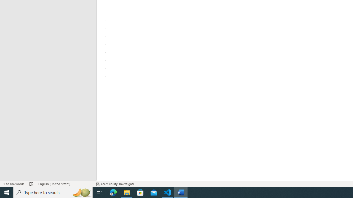 This screenshot has height=198, width=353. What do you see at coordinates (31, 184) in the screenshot?
I see `'Spelling and Grammar Check Errors'` at bounding box center [31, 184].